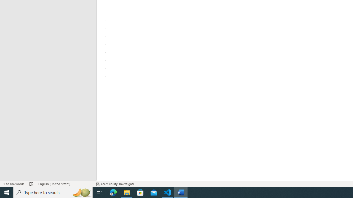 This screenshot has height=198, width=353. What do you see at coordinates (31, 184) in the screenshot?
I see `'Spelling and Grammar Check Errors'` at bounding box center [31, 184].